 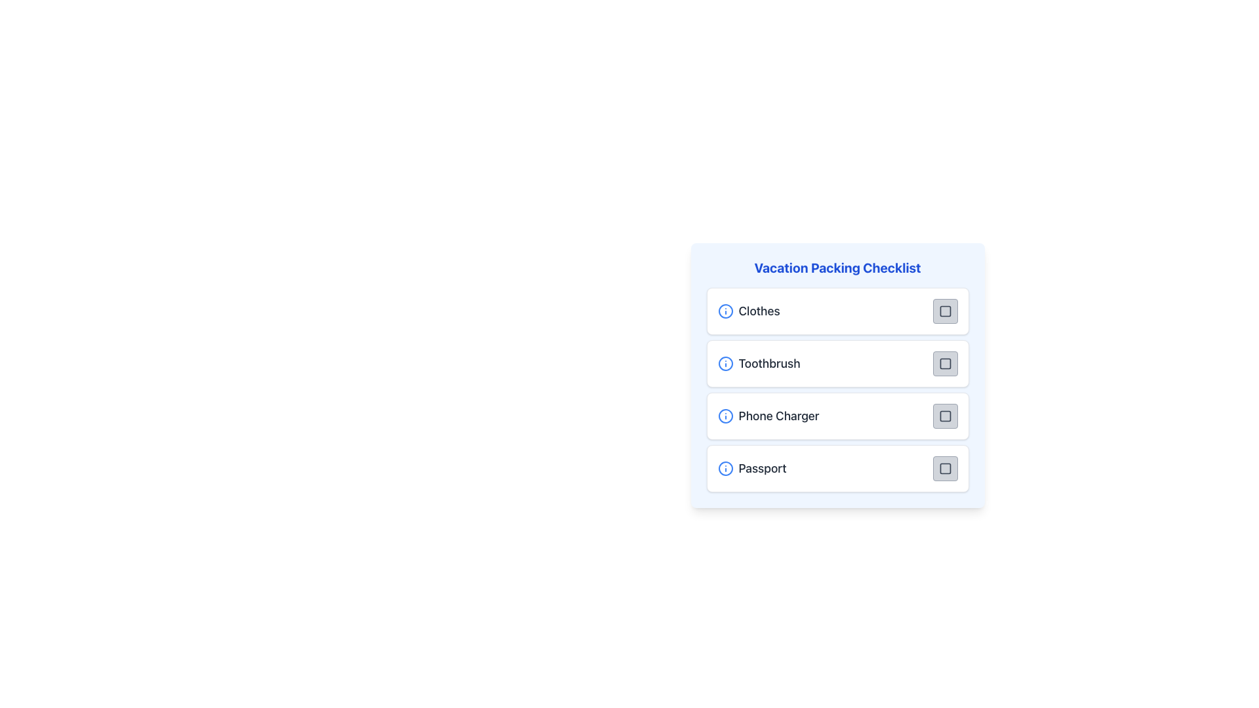 What do you see at coordinates (749, 311) in the screenshot?
I see `the label with an icon that serves as a descriptor for the first item in the checklist, which is located in the first row, to the left of a checkbox icon` at bounding box center [749, 311].